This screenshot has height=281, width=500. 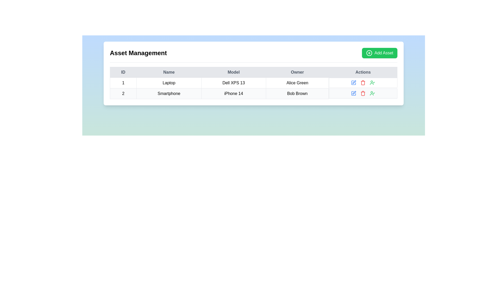 What do you see at coordinates (354, 82) in the screenshot?
I see `the editing icon, which is an SVG icon representing an editing action located in the 'Actions' column of the first row in the table` at bounding box center [354, 82].